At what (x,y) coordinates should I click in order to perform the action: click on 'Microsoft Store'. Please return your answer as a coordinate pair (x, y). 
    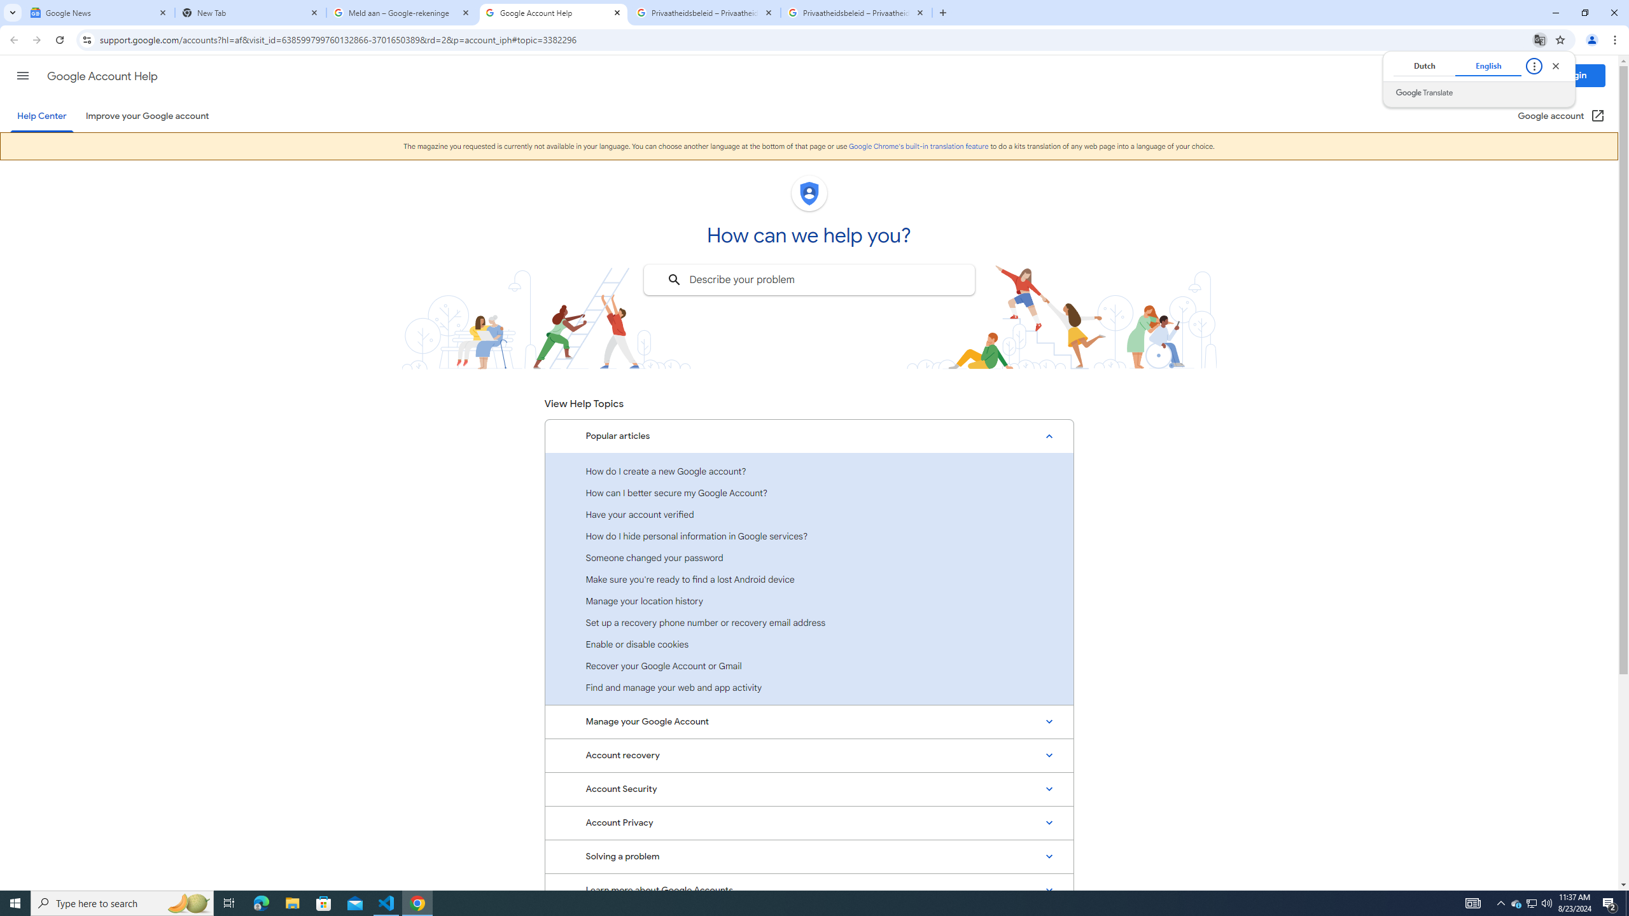
    Looking at the image, I should click on (324, 902).